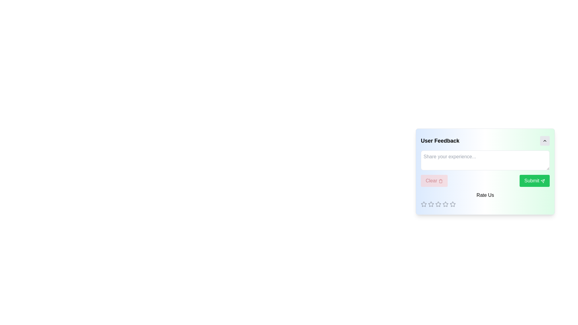  I want to click on the toggle button located at the top-right corner of the 'User Feedback' section, so click(545, 141).